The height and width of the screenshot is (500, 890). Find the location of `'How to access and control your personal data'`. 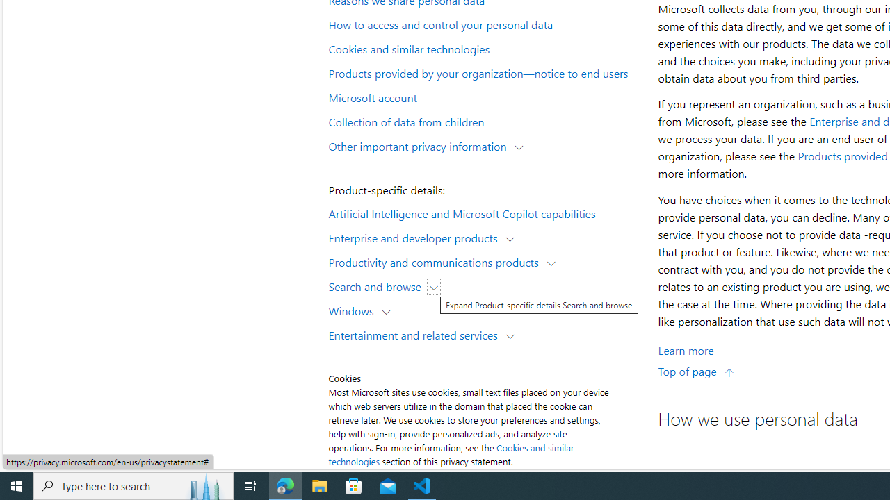

'How to access and control your personal data' is located at coordinates (484, 24).